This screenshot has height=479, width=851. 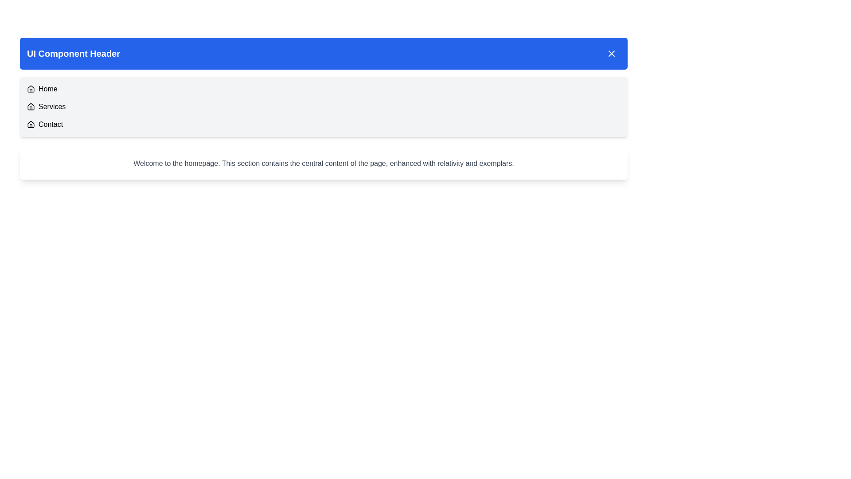 What do you see at coordinates (31, 125) in the screenshot?
I see `the house icon in the navigation menu, which is located to the left of the 'Contact' label text` at bounding box center [31, 125].